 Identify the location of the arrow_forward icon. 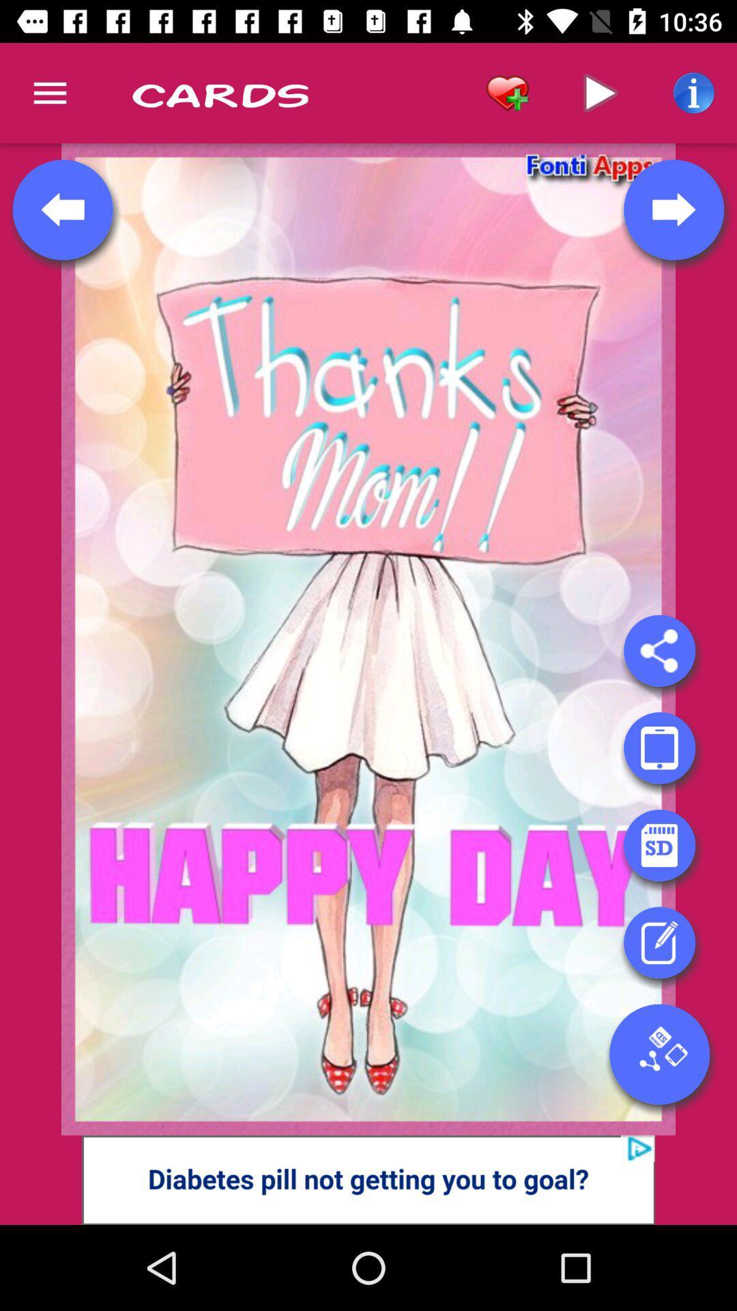
(673, 209).